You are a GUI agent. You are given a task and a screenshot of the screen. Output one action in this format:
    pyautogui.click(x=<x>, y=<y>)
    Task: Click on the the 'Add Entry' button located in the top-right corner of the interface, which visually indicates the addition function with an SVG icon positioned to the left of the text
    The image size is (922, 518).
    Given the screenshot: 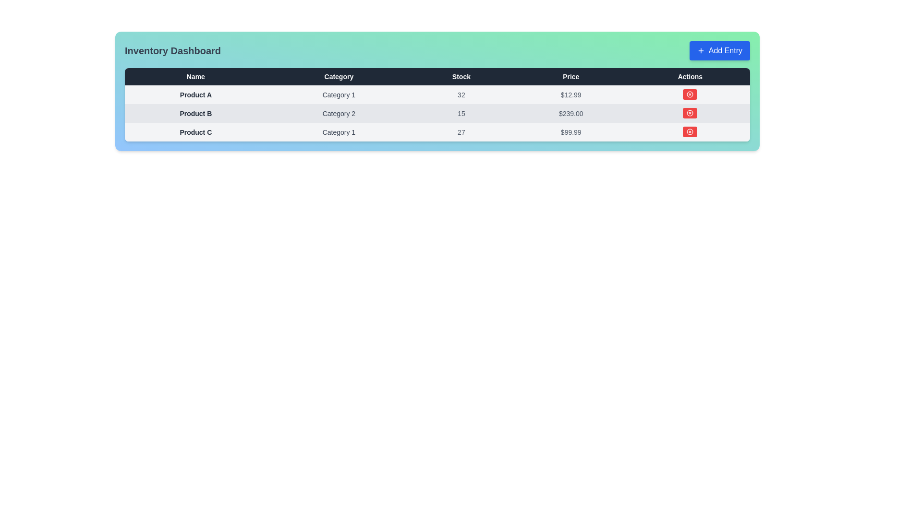 What is the action you would take?
    pyautogui.click(x=701, y=50)
    